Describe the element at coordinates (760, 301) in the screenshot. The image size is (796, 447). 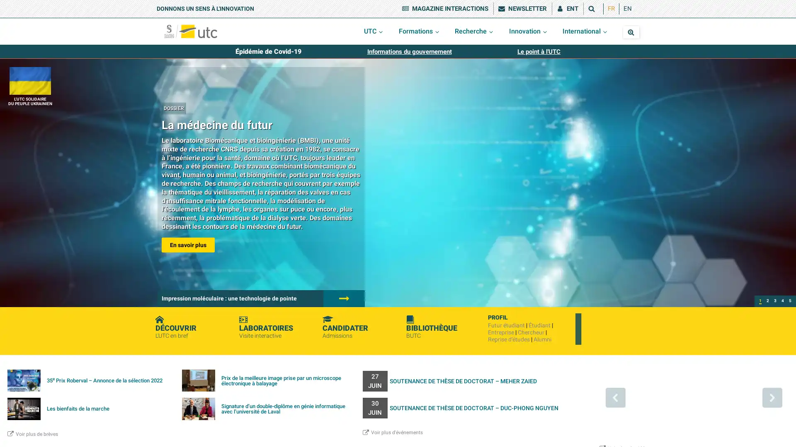
I see `La medecine du futur` at that location.